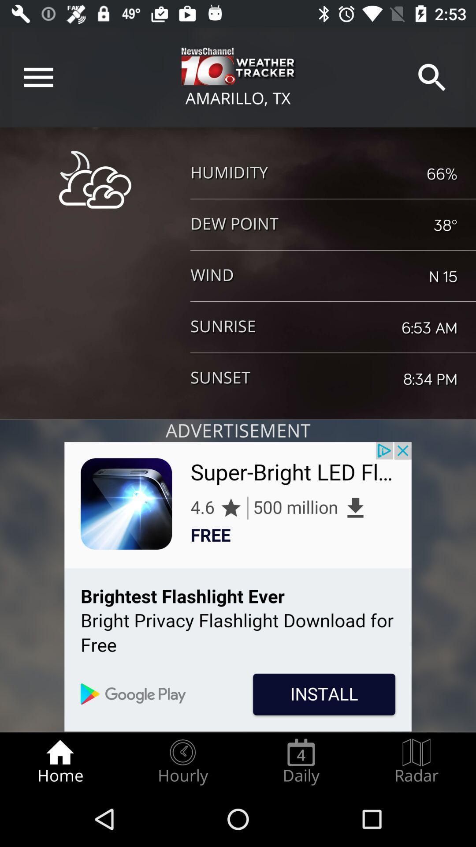 The image size is (476, 847). What do you see at coordinates (301, 761) in the screenshot?
I see `the radio button next to hourly radio button` at bounding box center [301, 761].